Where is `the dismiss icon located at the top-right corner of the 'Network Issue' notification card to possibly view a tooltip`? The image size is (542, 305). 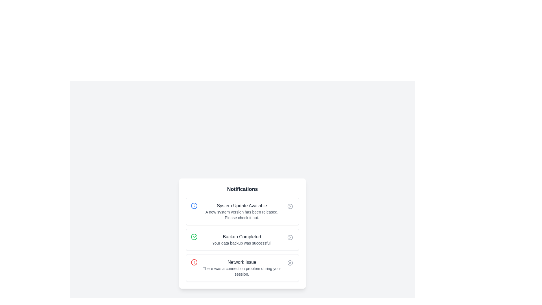 the dismiss icon located at the top-right corner of the 'Network Issue' notification card to possibly view a tooltip is located at coordinates (290, 263).